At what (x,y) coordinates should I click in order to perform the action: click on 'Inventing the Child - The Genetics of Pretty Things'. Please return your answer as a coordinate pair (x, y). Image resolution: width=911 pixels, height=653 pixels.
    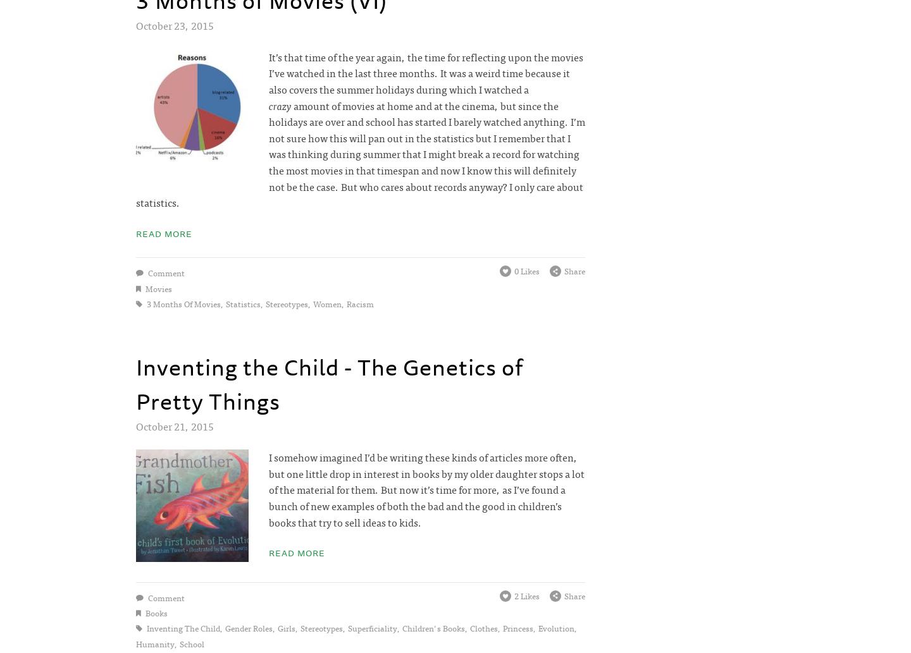
    Looking at the image, I should click on (328, 382).